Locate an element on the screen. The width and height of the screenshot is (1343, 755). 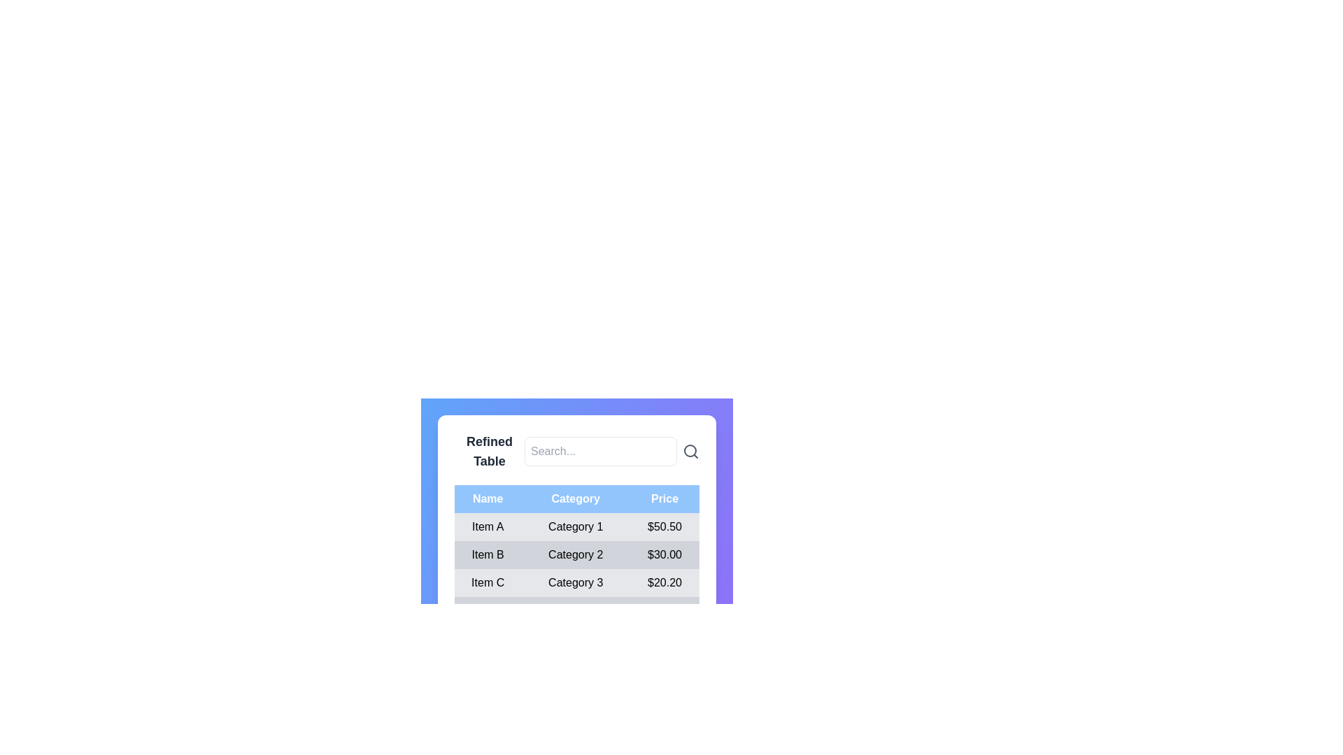
the second row in the table that contains data for 'Item B', which is located between 'Item A' and 'Item C' is located at coordinates (577, 554).